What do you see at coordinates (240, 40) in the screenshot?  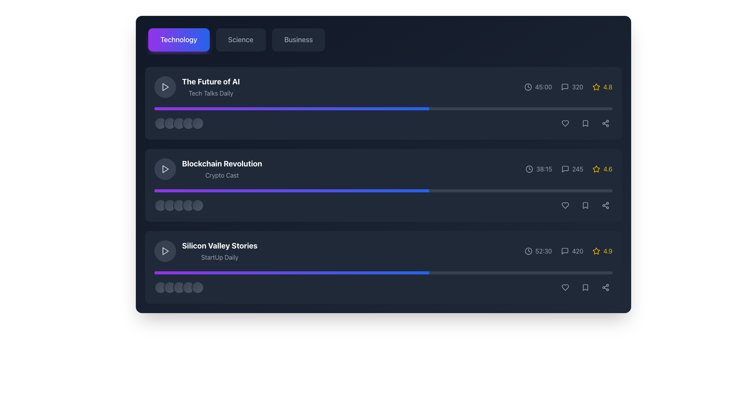 I see `the 'Science' button, which is the second button in a horizontal row of three buttons` at bounding box center [240, 40].